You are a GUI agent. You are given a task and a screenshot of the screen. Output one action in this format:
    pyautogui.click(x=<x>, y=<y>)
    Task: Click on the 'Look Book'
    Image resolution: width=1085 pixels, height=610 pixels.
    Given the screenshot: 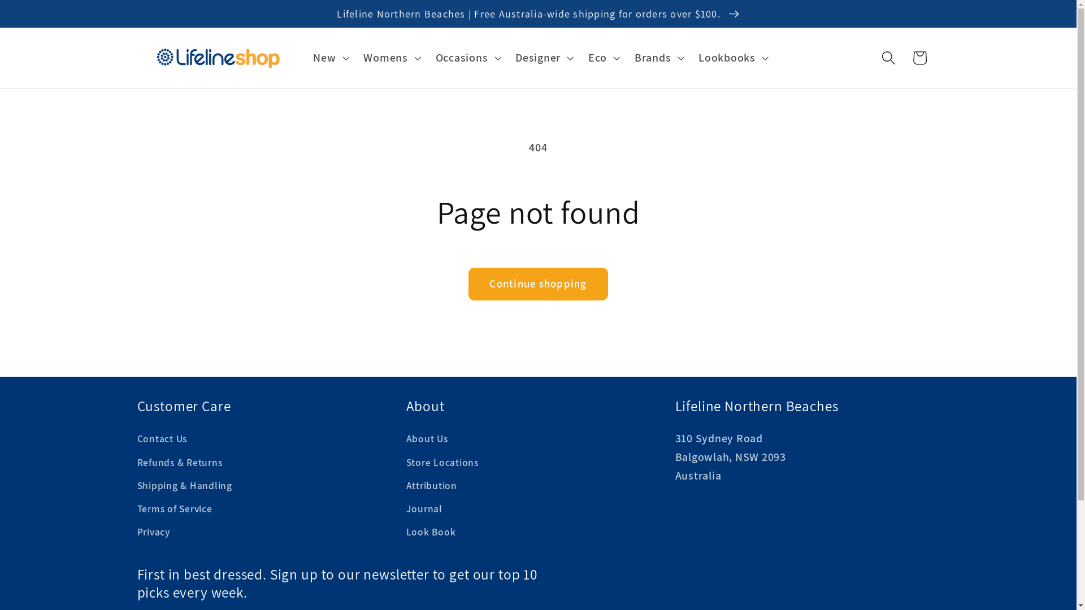 What is the action you would take?
    pyautogui.click(x=430, y=532)
    